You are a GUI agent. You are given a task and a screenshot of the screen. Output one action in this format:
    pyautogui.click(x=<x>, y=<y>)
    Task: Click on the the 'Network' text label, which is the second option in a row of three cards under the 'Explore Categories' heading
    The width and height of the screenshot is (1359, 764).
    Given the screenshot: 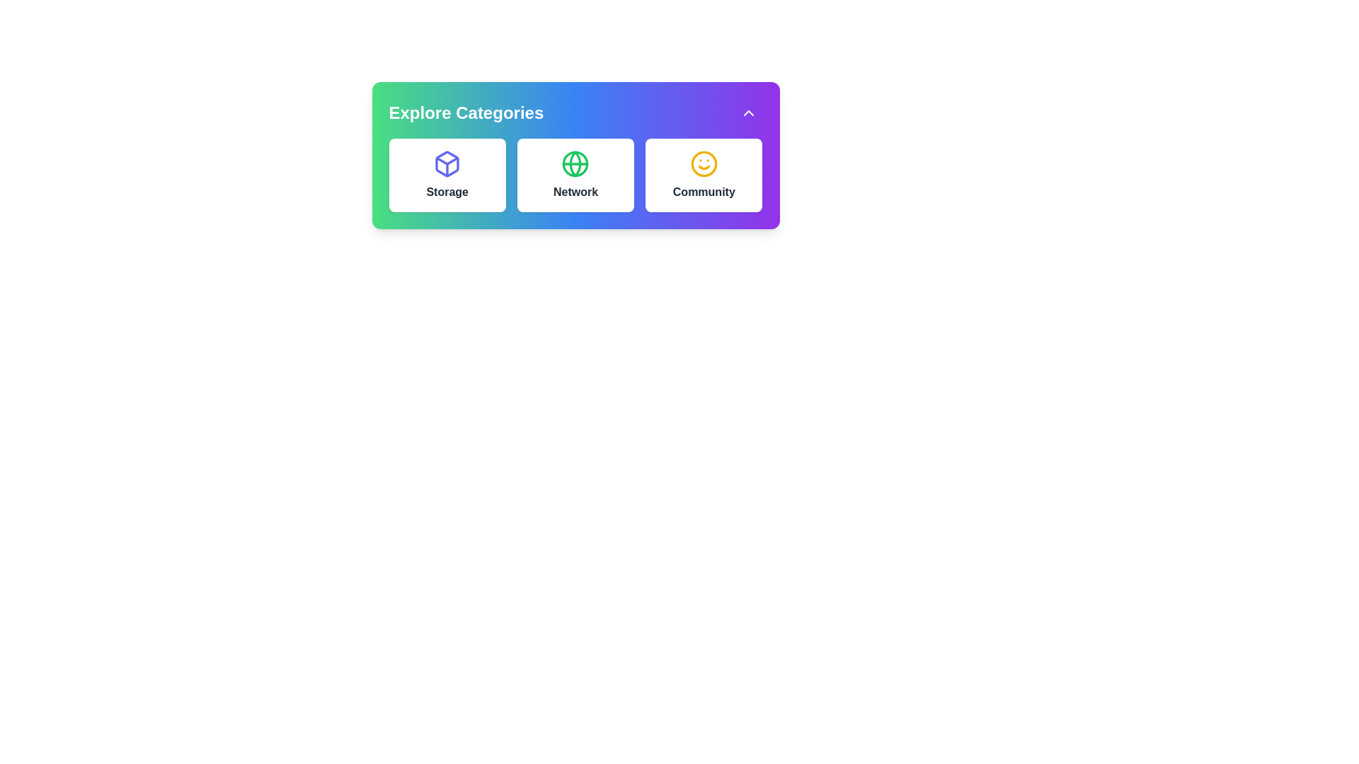 What is the action you would take?
    pyautogui.click(x=575, y=192)
    